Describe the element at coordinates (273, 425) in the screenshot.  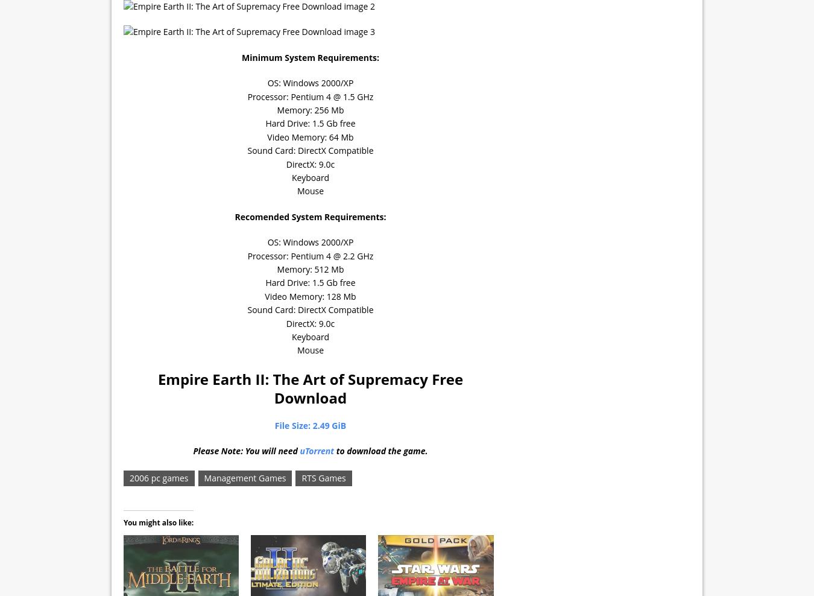
I see `'File Size: 2.49 GiB'` at that location.